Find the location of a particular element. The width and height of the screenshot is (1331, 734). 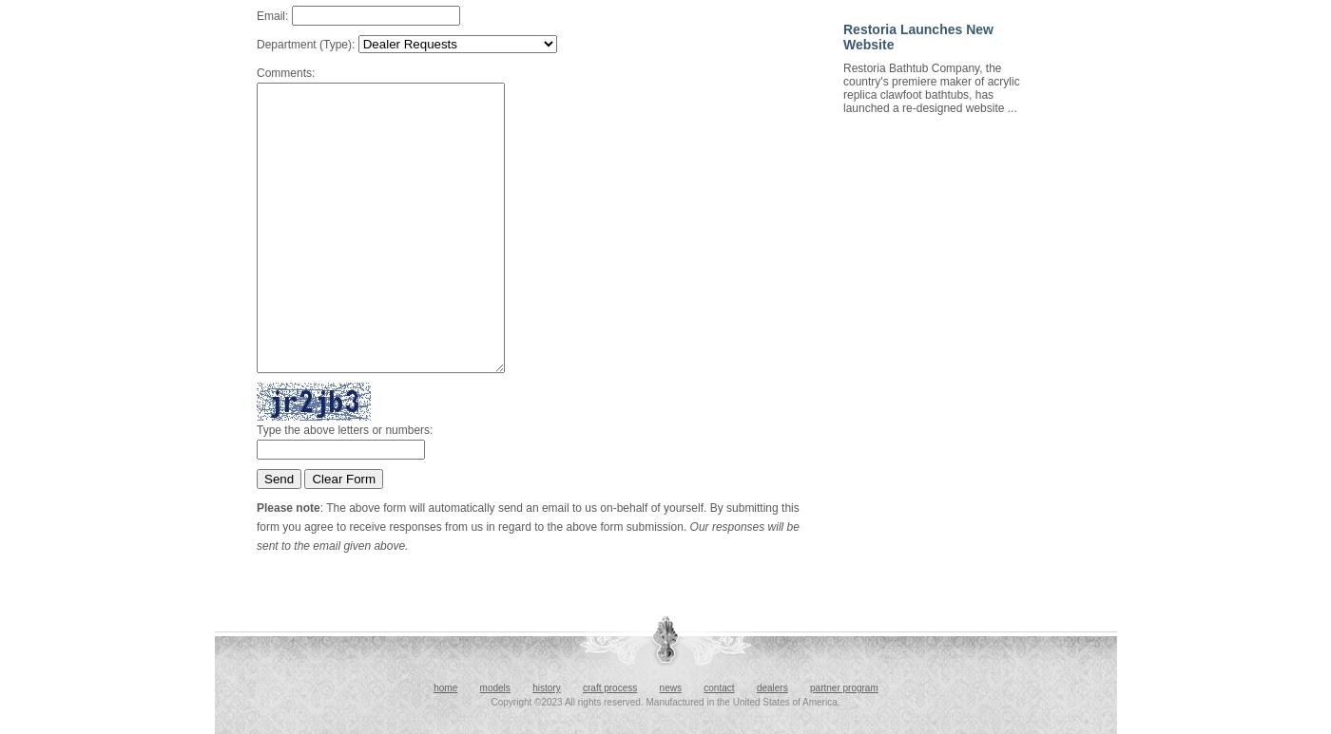

'dealers' is located at coordinates (771, 687).